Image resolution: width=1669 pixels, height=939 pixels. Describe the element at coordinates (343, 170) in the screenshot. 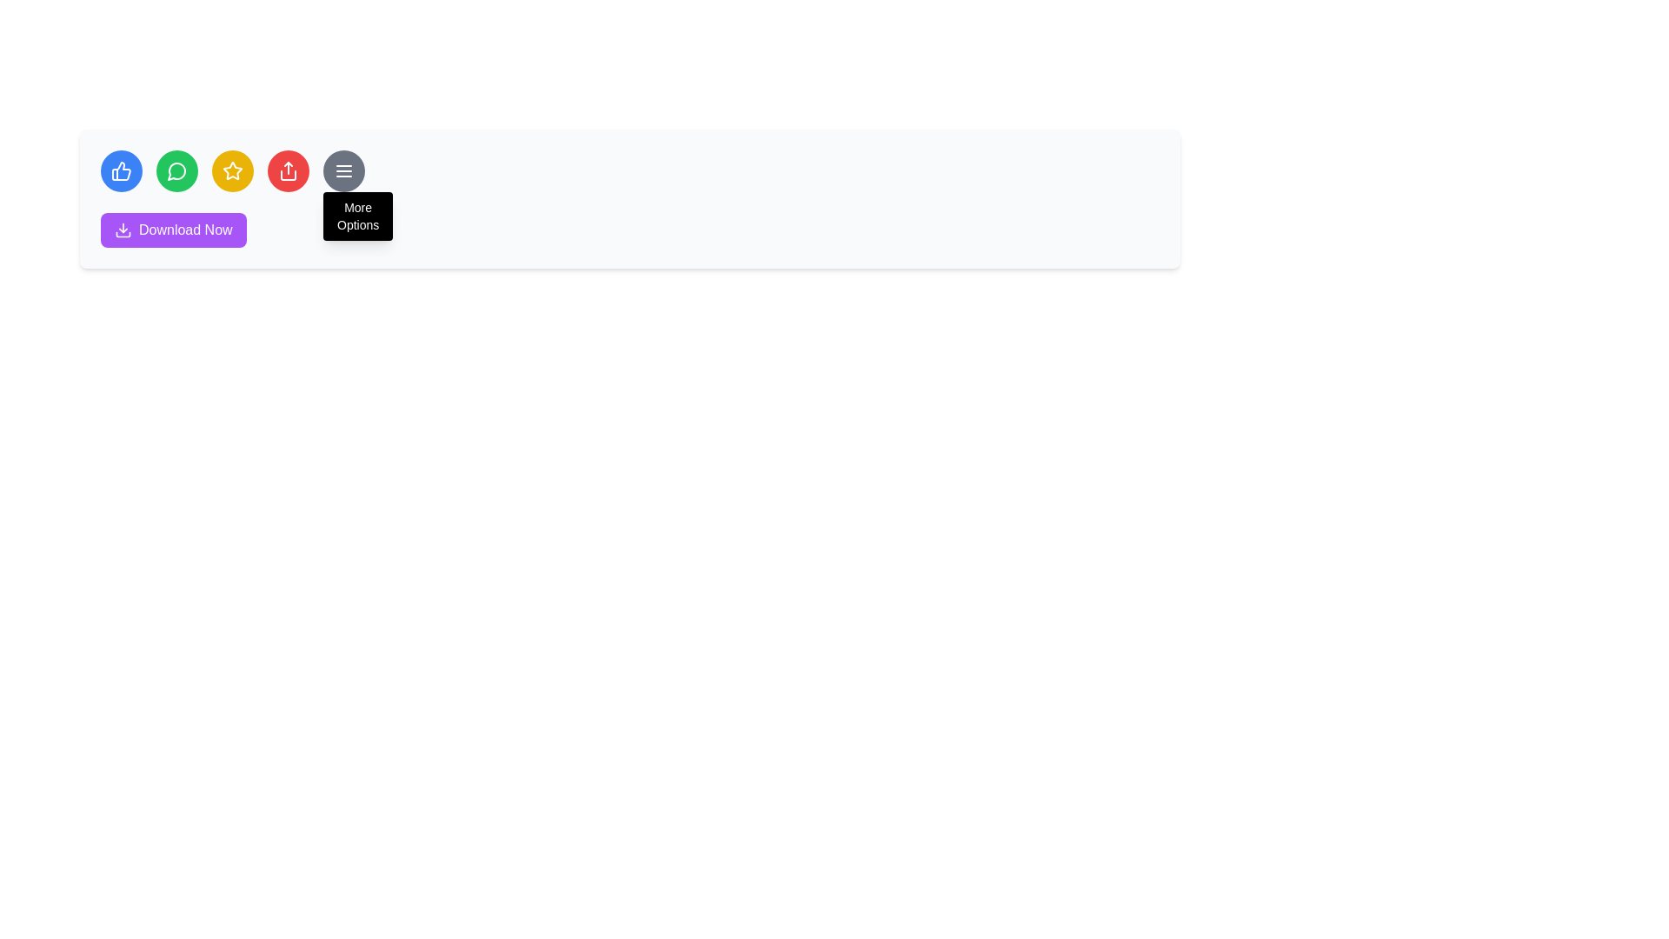

I see `the sixth circular button on the right` at that location.